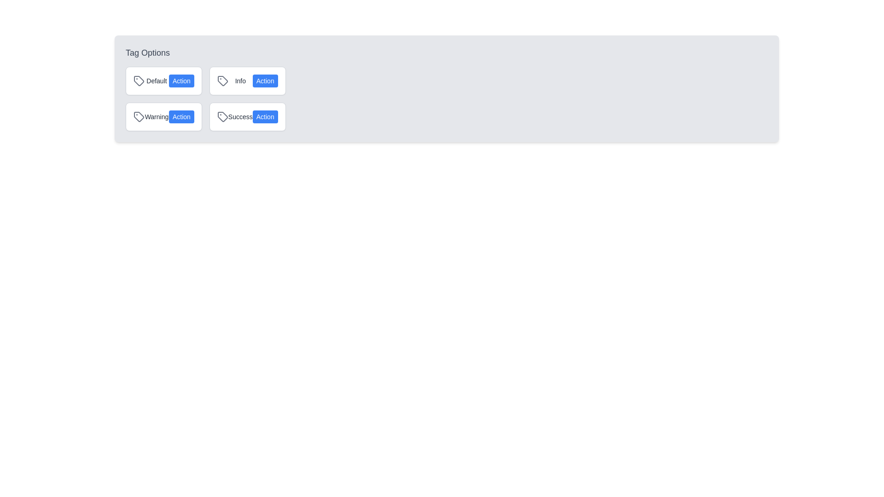 The image size is (884, 497). What do you see at coordinates (139, 81) in the screenshot?
I see `the gray vector graphic icon resembling a tag symbol located within the 'Default' button group in the 'Tag Options' section` at bounding box center [139, 81].